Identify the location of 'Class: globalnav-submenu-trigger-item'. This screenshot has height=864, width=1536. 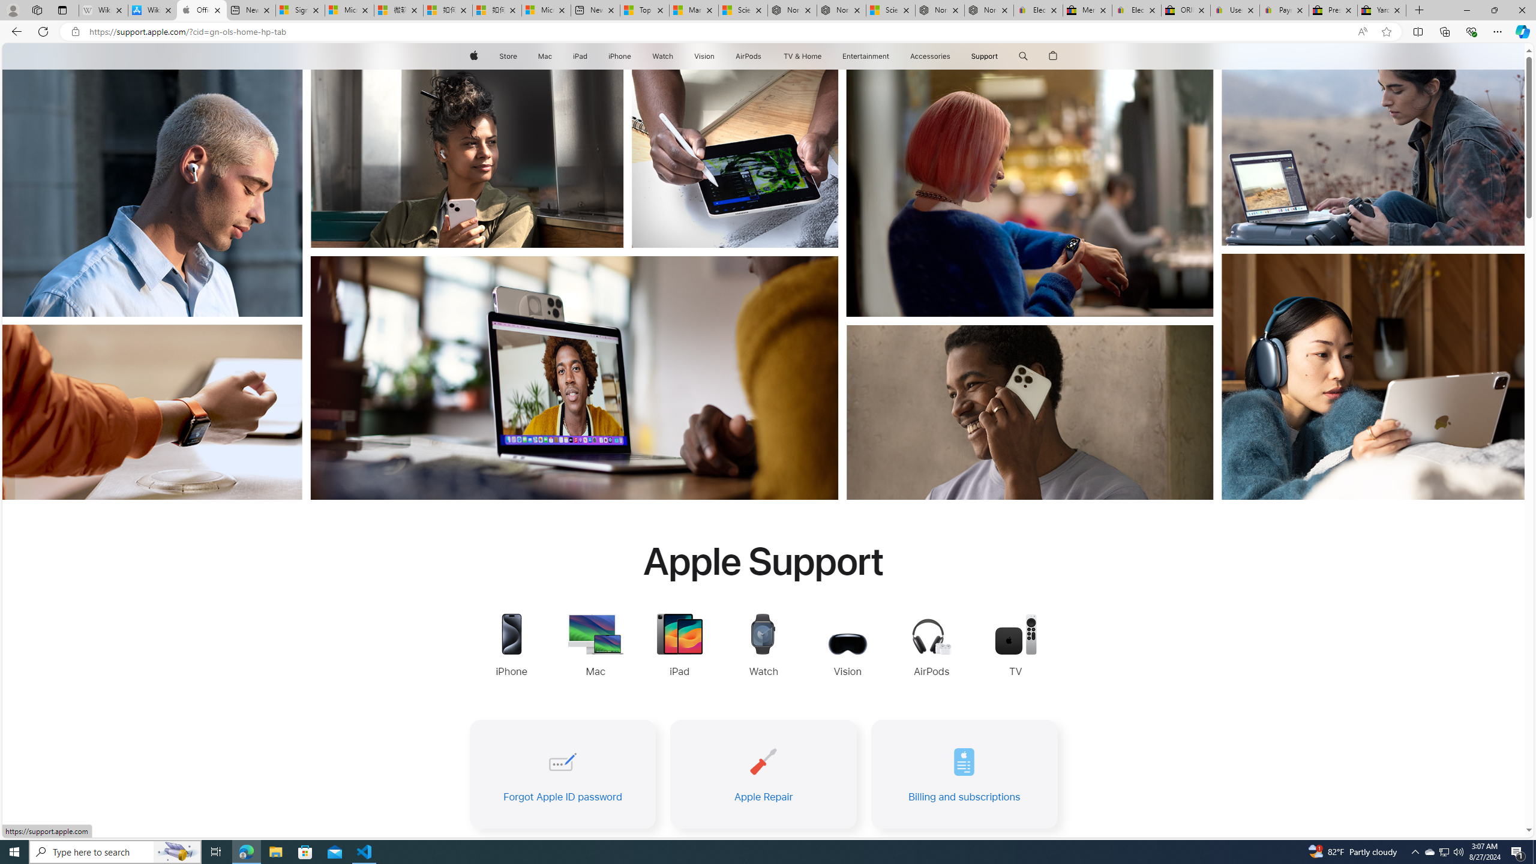
(1000, 56).